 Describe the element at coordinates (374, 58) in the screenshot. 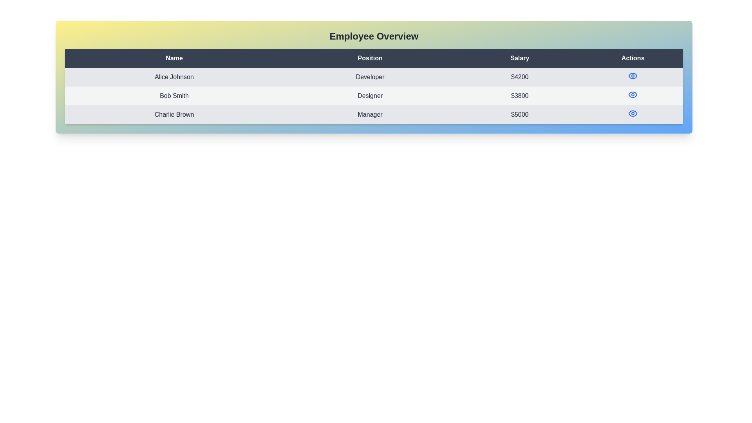

I see `the Table Header Row that labels the columns 'Name', 'Position', 'Salary', and 'Actions'` at that location.